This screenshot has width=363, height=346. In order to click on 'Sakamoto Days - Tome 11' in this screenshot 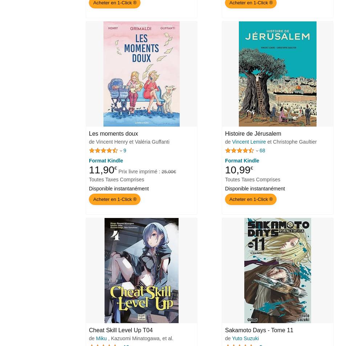, I will do `click(225, 330)`.